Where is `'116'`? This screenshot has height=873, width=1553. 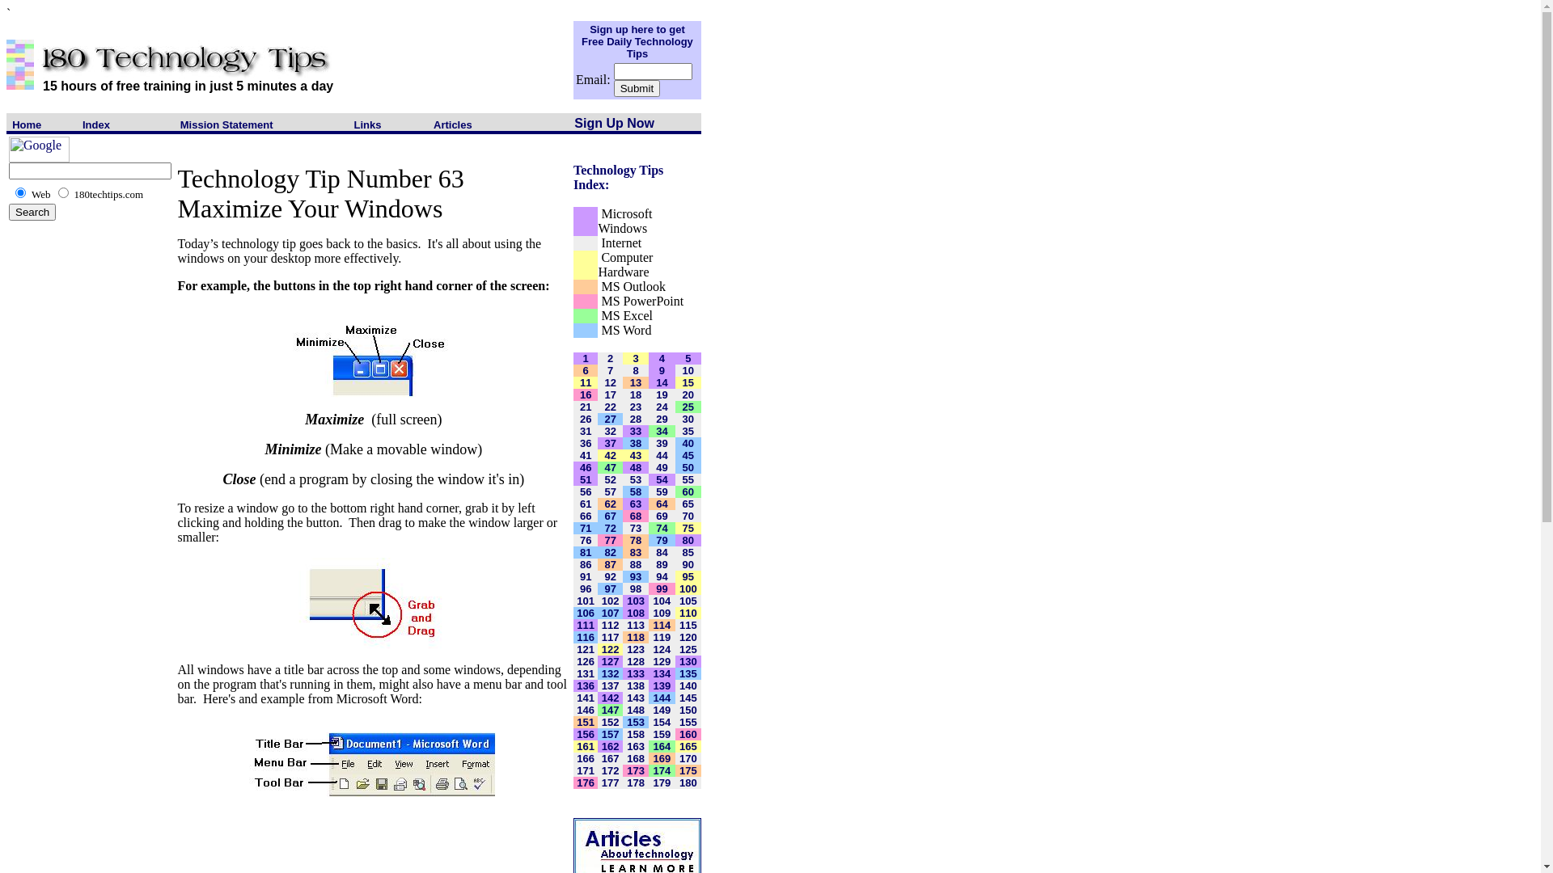 '116' is located at coordinates (585, 635).